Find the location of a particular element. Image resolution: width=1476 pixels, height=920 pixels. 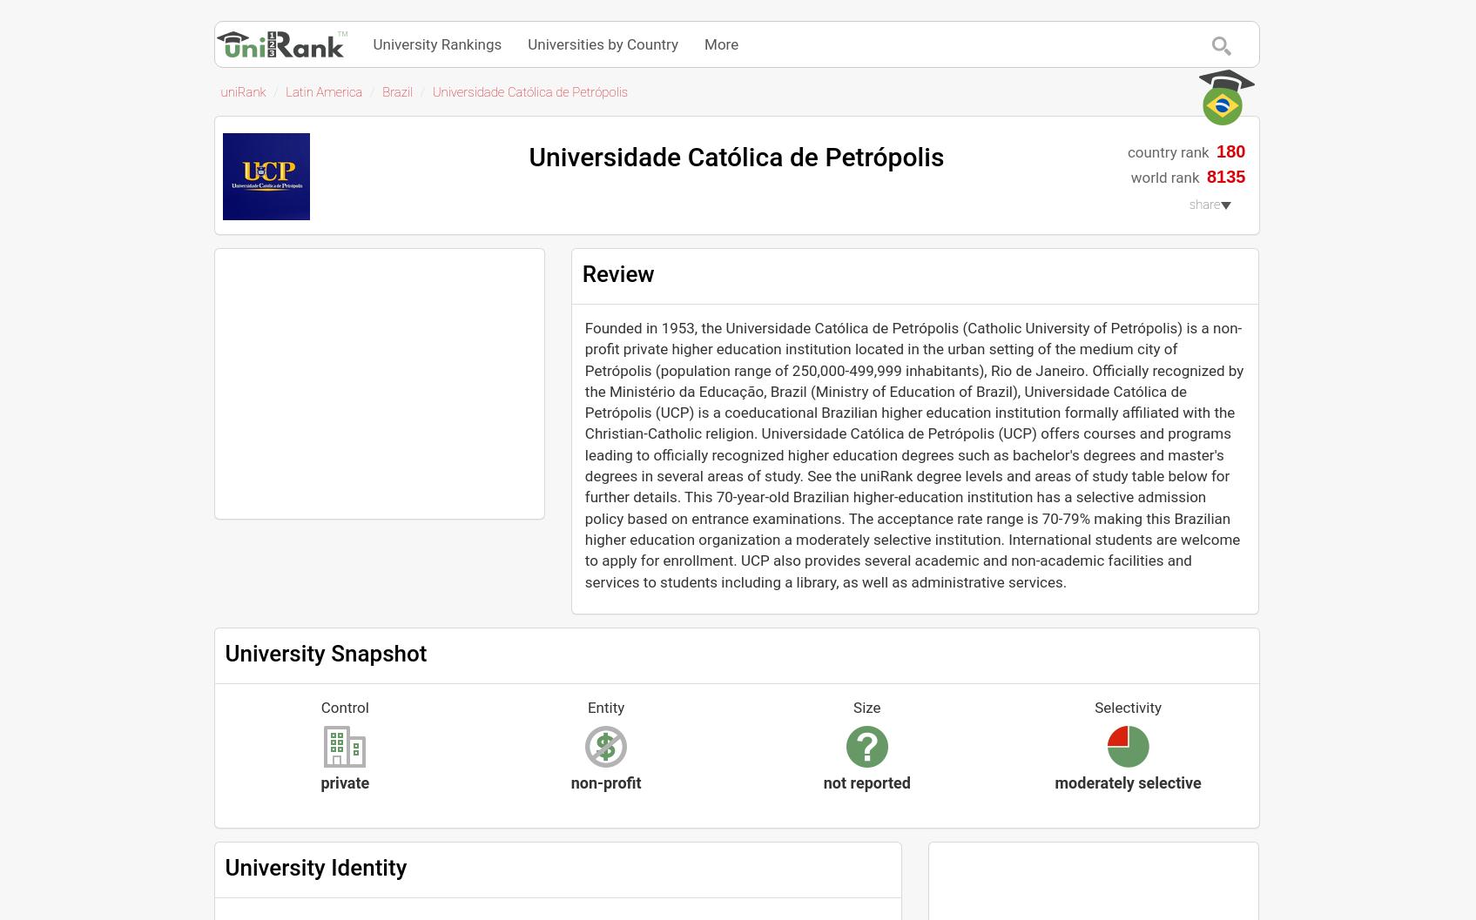

'8135' is located at coordinates (1224, 175).